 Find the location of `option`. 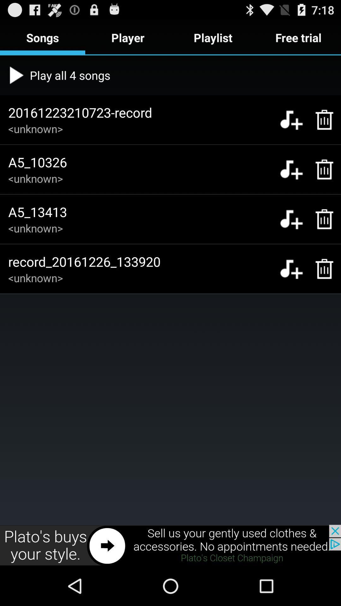

option is located at coordinates (291, 169).